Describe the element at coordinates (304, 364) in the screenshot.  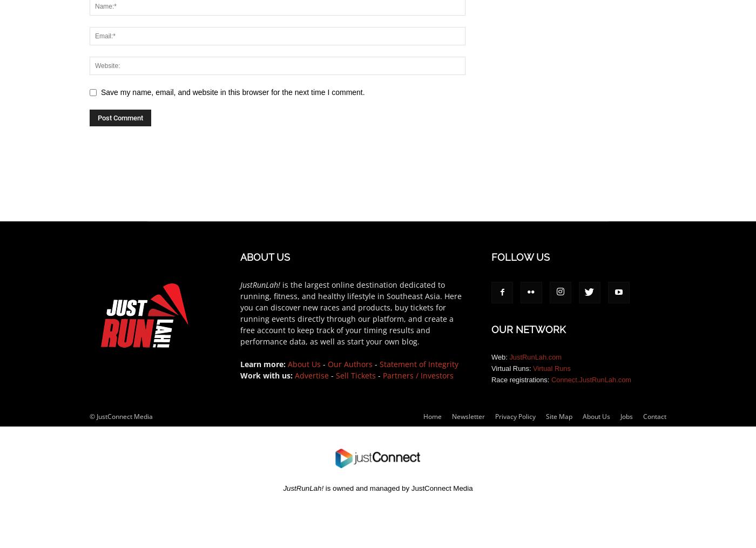
I see `'About Us'` at that location.